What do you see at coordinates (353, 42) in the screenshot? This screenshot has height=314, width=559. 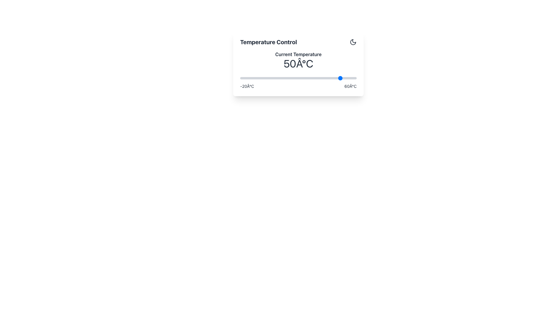 I see `the moon-themed icon located in the top-right corner of the temperature control card` at bounding box center [353, 42].